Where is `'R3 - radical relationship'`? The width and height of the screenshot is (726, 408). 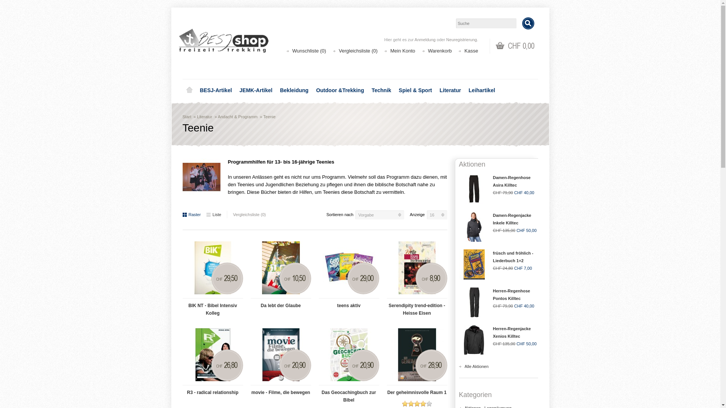 'R3 - radical relationship' is located at coordinates (212, 354).